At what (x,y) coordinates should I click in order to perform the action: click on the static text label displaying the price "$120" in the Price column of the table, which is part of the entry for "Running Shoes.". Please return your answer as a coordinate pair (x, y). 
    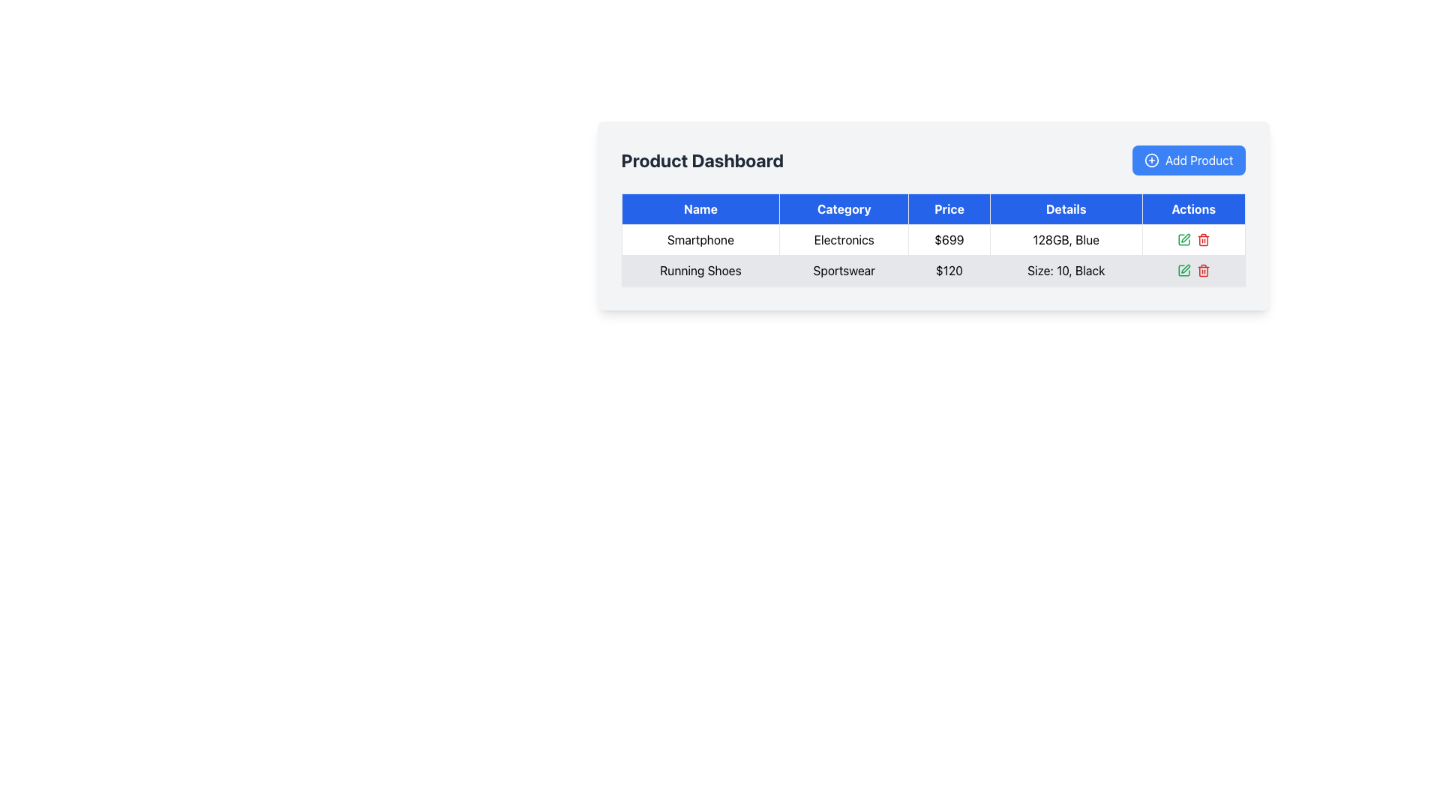
    Looking at the image, I should click on (948, 271).